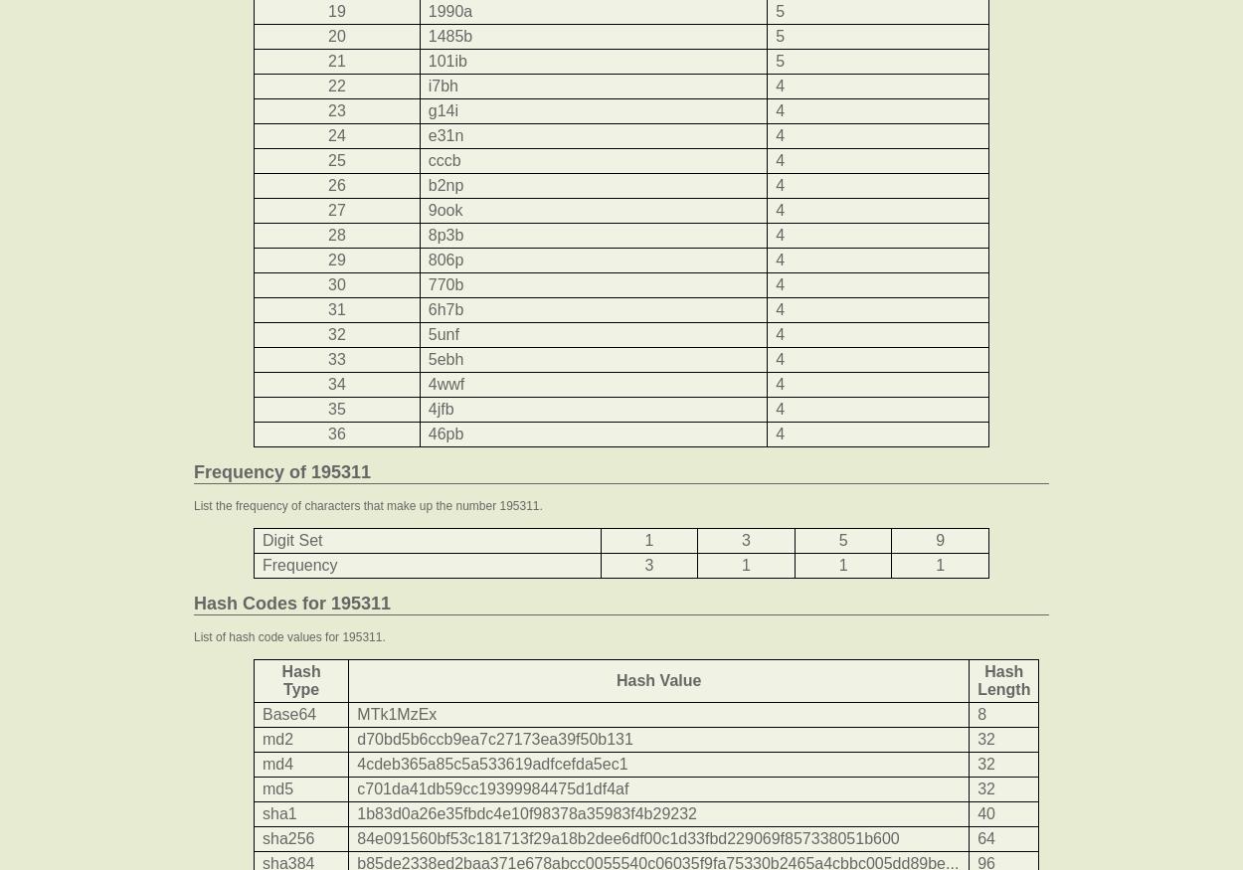 This screenshot has height=870, width=1243. Describe the element at coordinates (334, 110) in the screenshot. I see `'23'` at that location.